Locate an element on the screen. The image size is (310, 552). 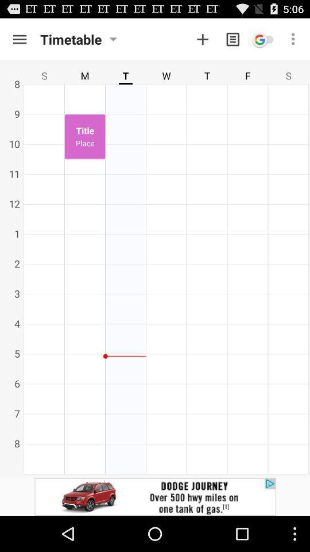
advertisement is located at coordinates (155, 496).